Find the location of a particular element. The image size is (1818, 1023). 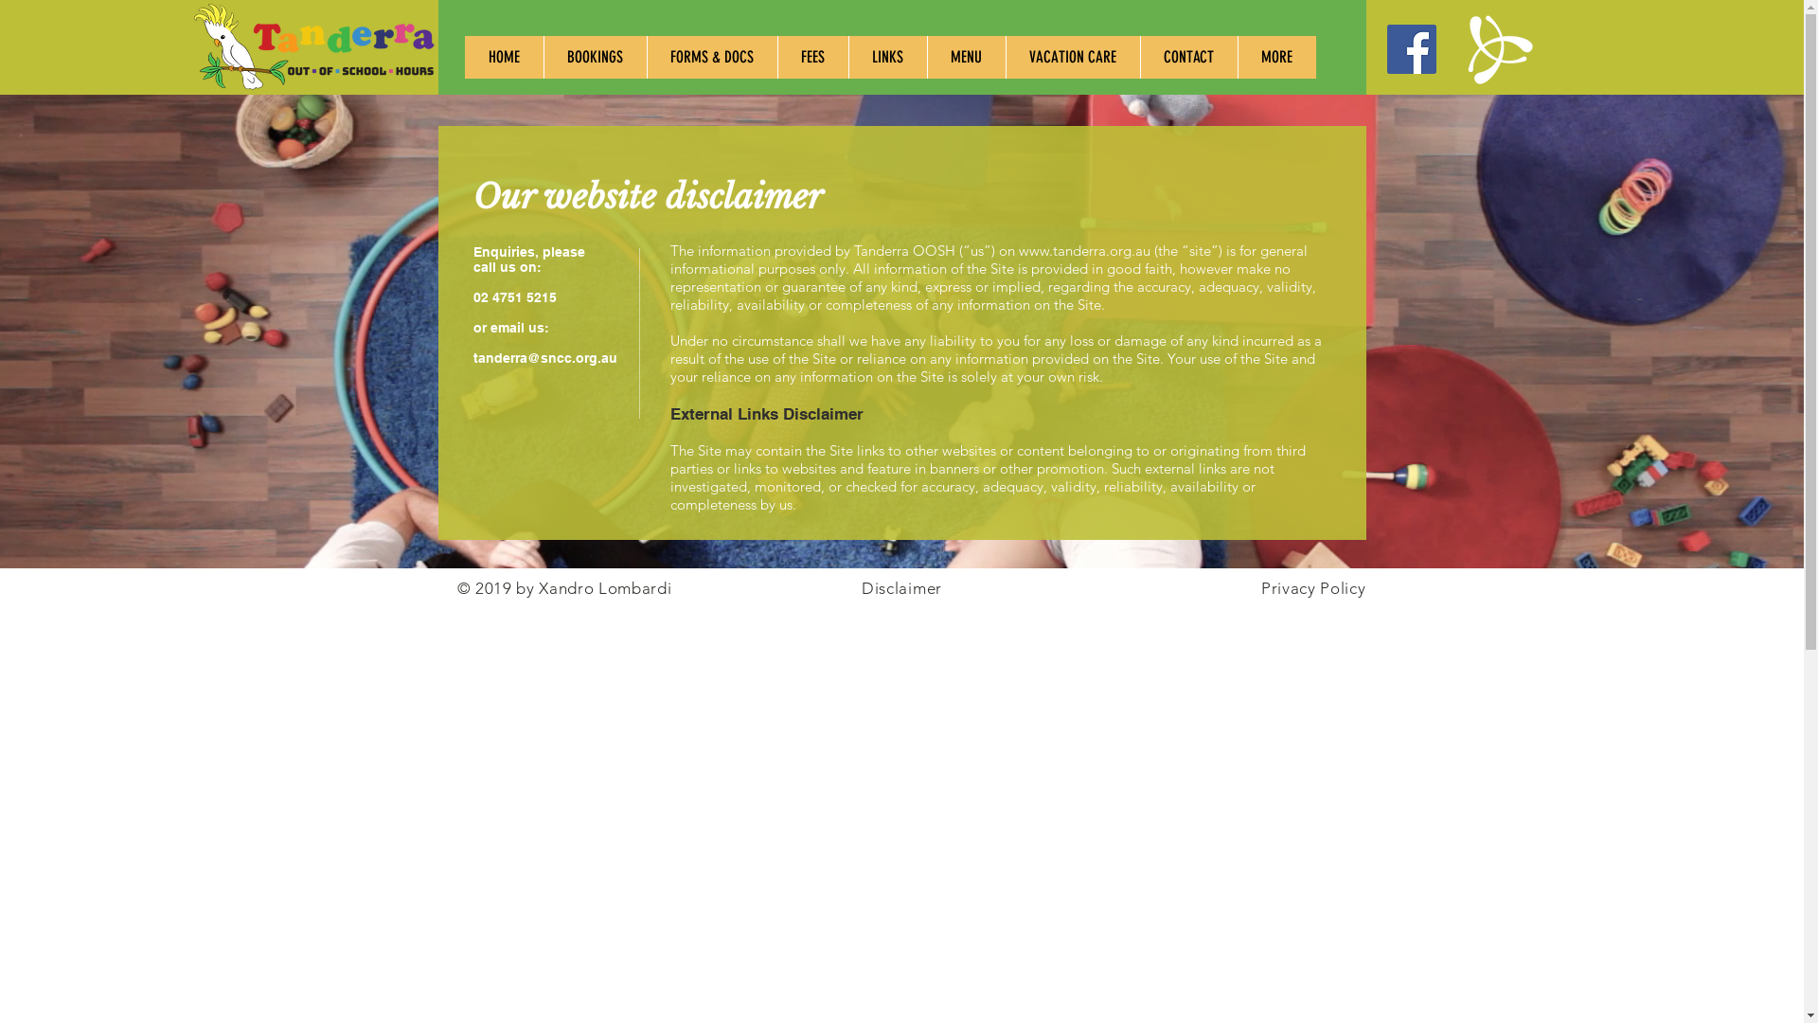

'Disclaimer' is located at coordinates (900, 587).